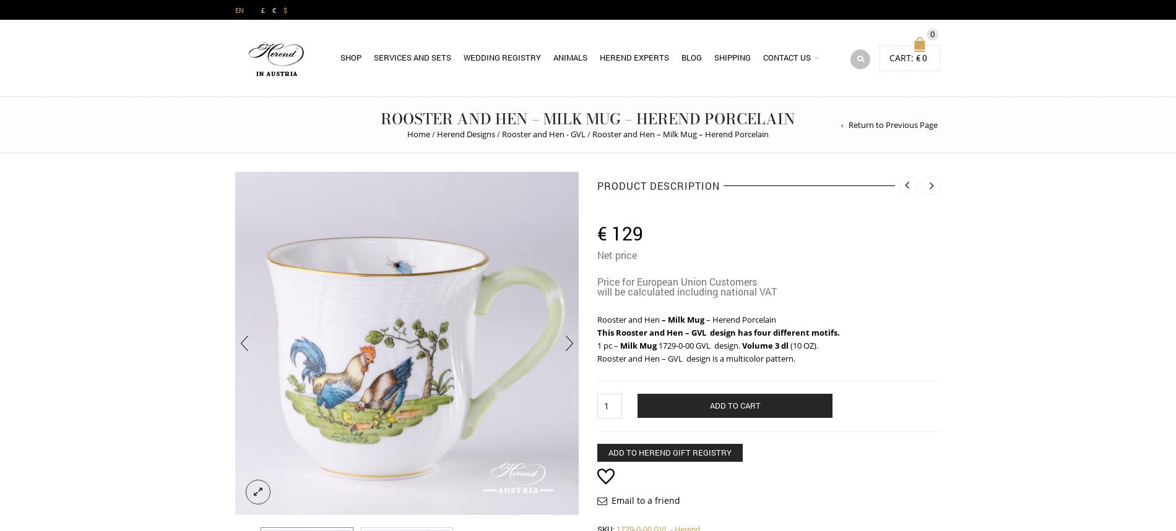  Describe the element at coordinates (607, 331) in the screenshot. I see `'This'` at that location.